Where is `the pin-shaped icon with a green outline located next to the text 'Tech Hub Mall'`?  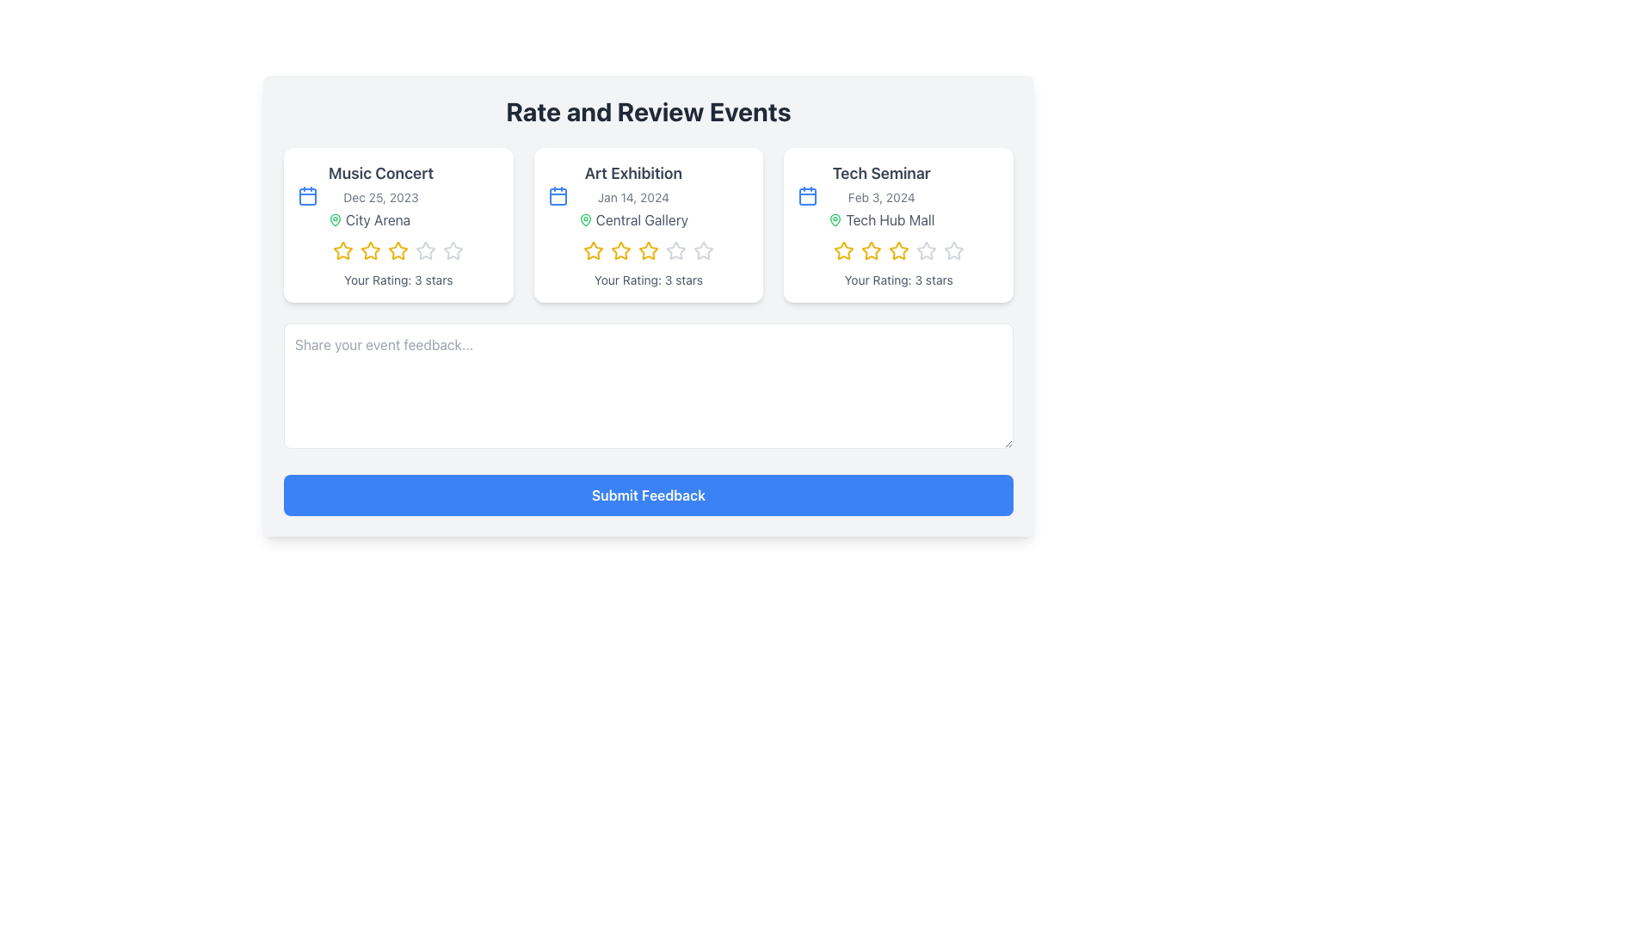
the pin-shaped icon with a green outline located next to the text 'Tech Hub Mall' is located at coordinates (835, 218).